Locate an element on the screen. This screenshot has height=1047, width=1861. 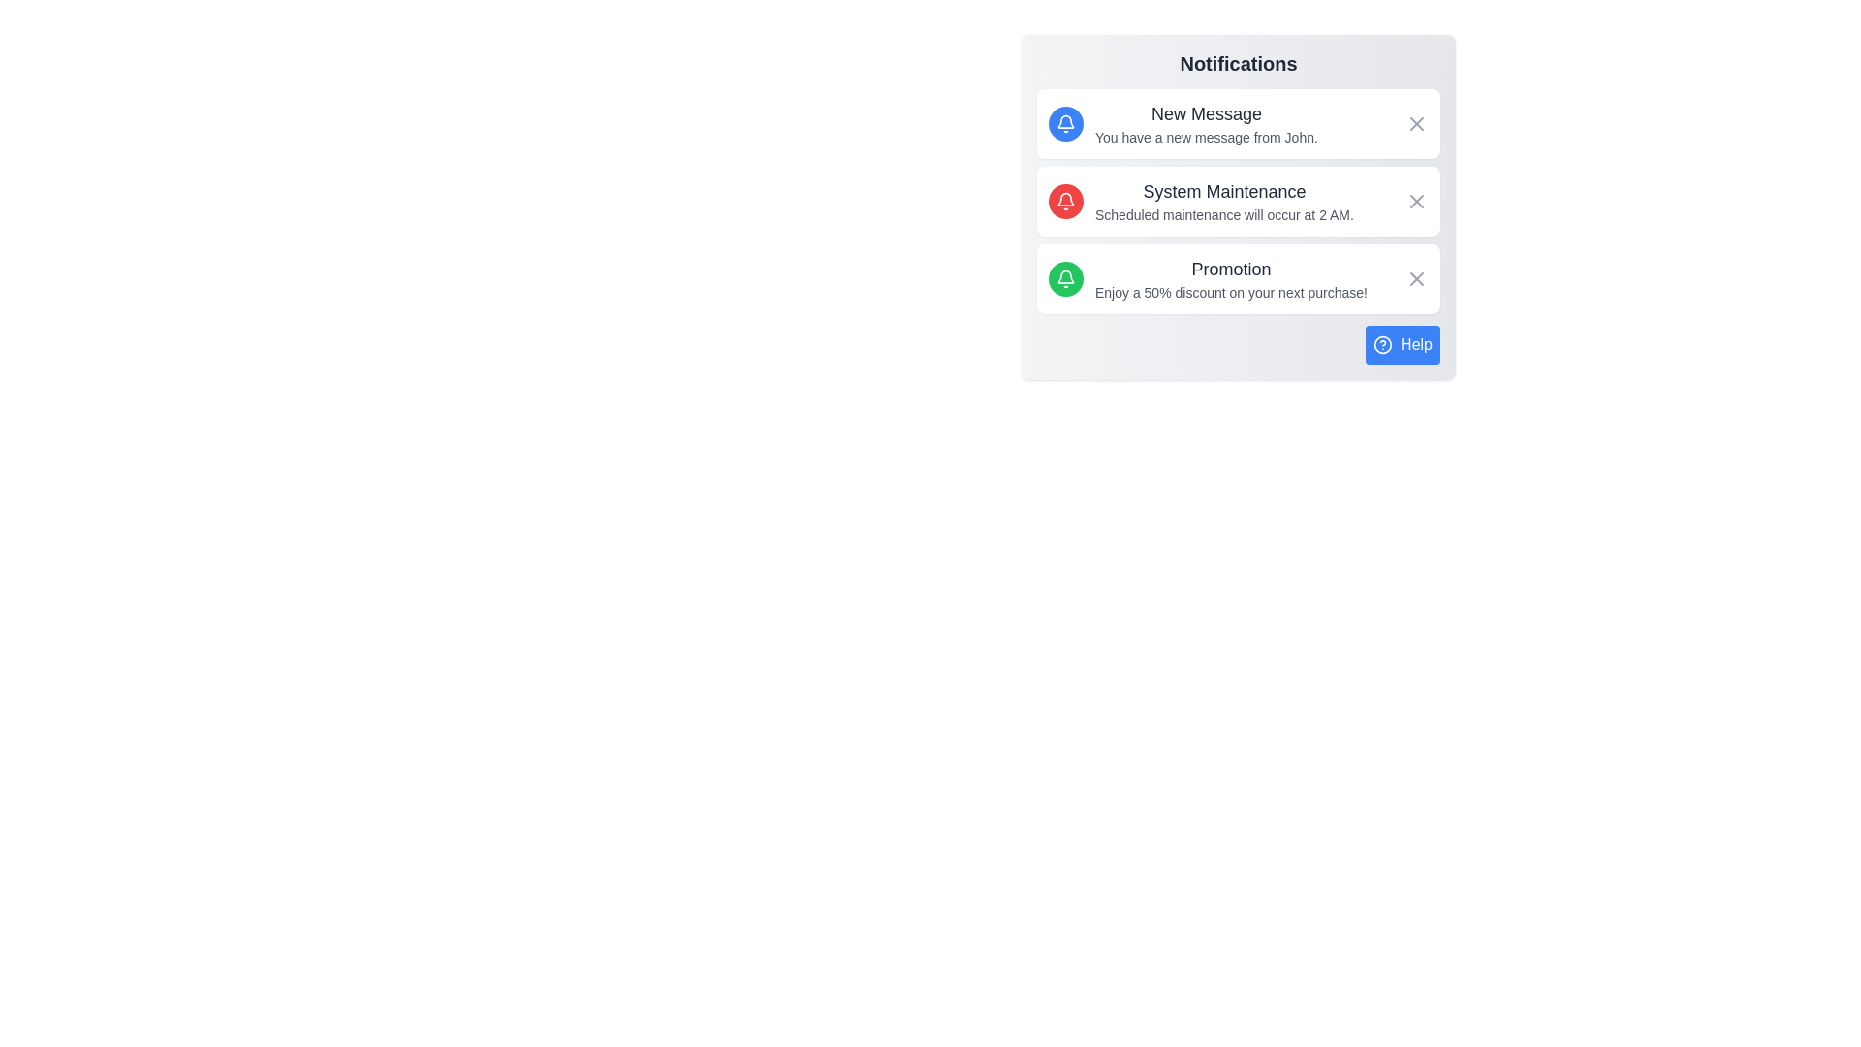
the second notification item that provides details about a scheduled system maintenance activity is located at coordinates (1200, 202).